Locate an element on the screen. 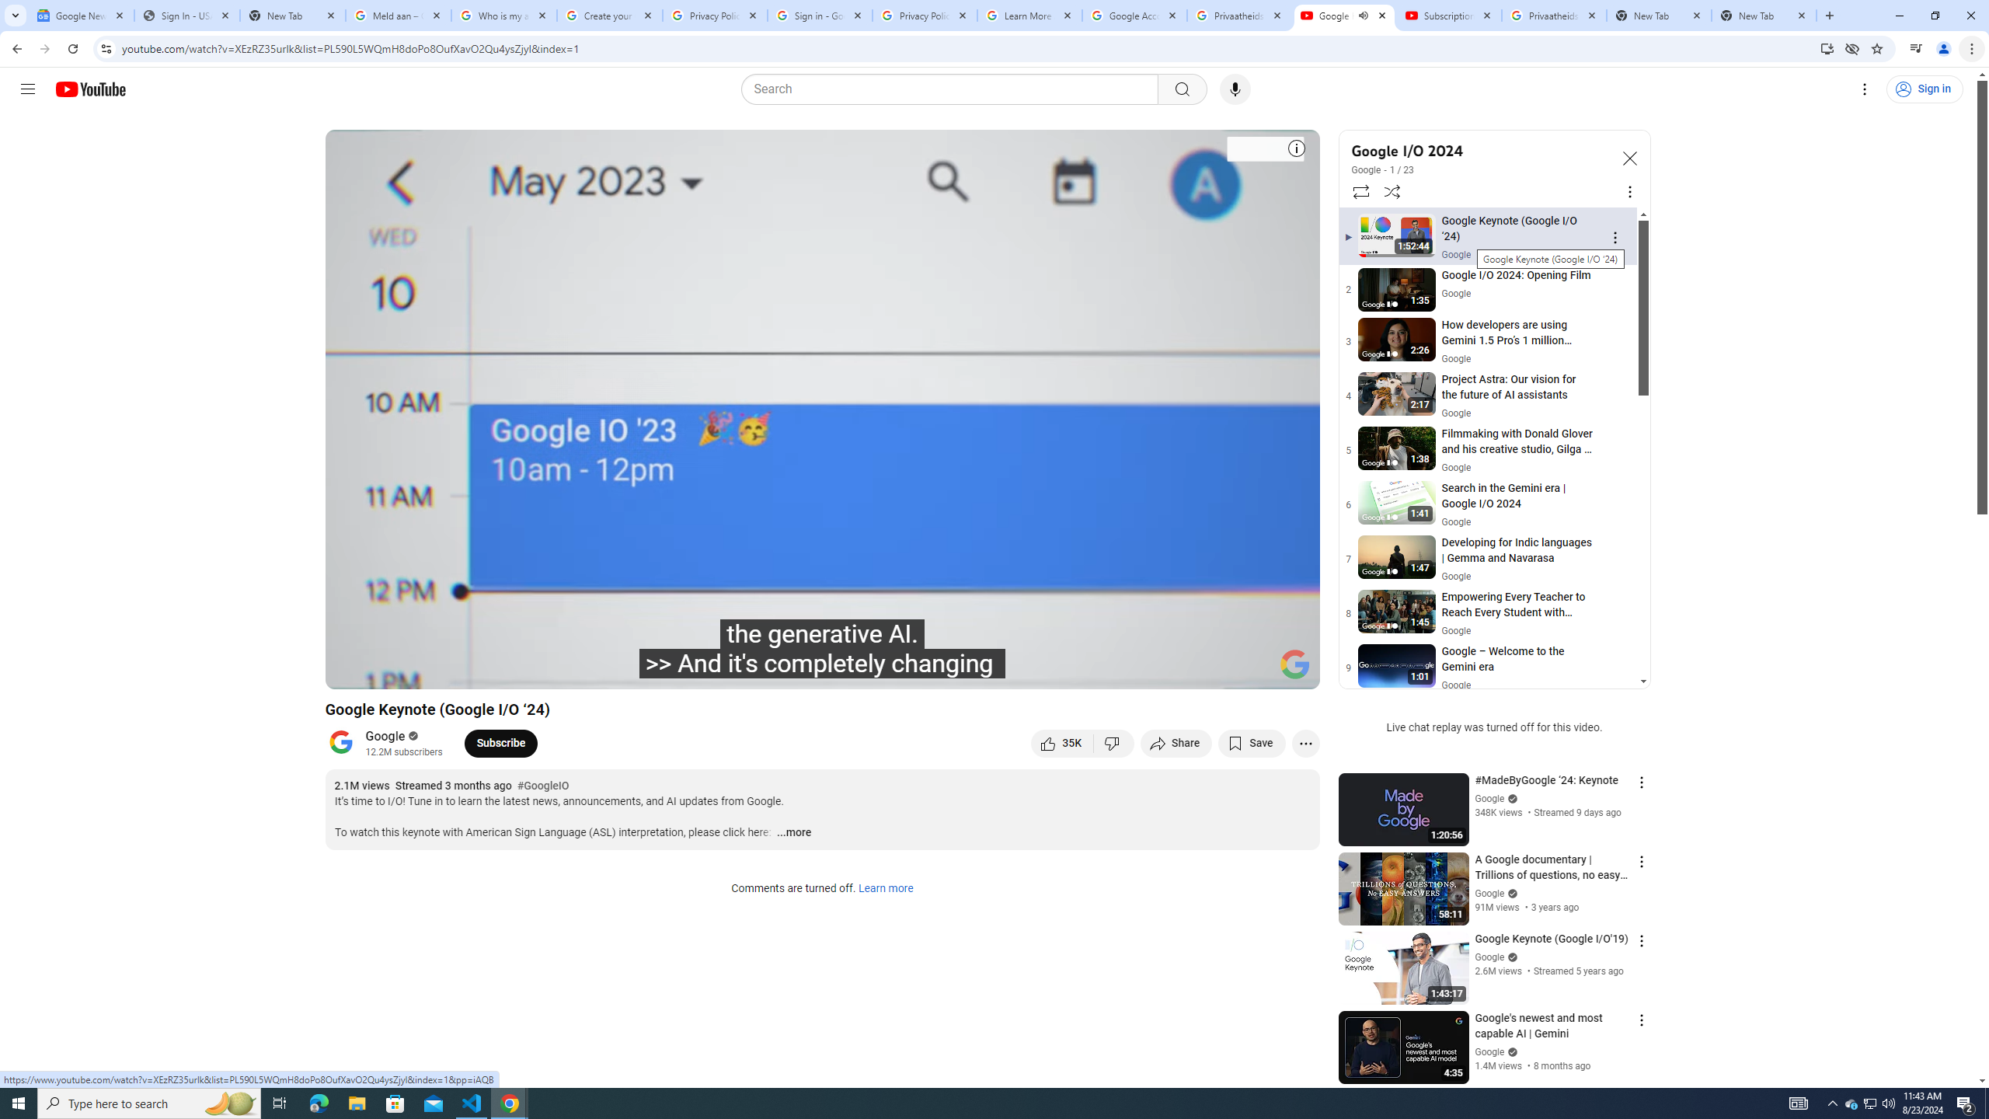  'Seek slider' is located at coordinates (821, 650).